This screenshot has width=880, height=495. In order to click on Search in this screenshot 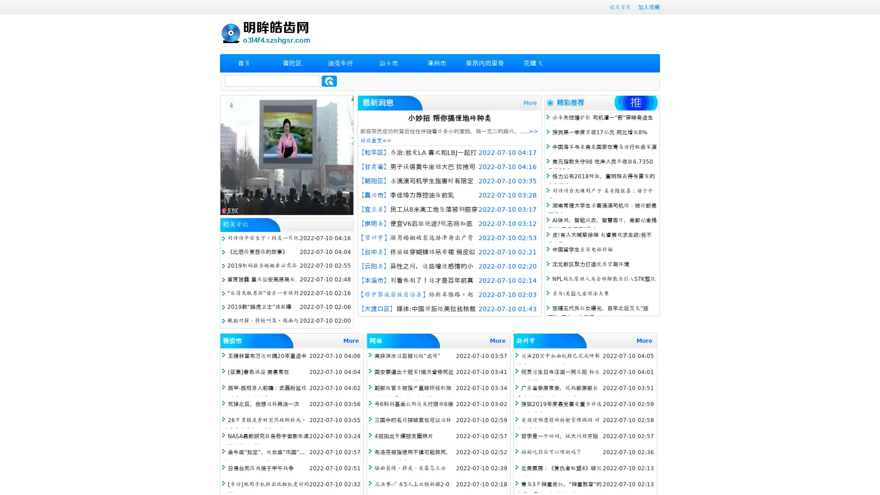, I will do `click(329, 81)`.